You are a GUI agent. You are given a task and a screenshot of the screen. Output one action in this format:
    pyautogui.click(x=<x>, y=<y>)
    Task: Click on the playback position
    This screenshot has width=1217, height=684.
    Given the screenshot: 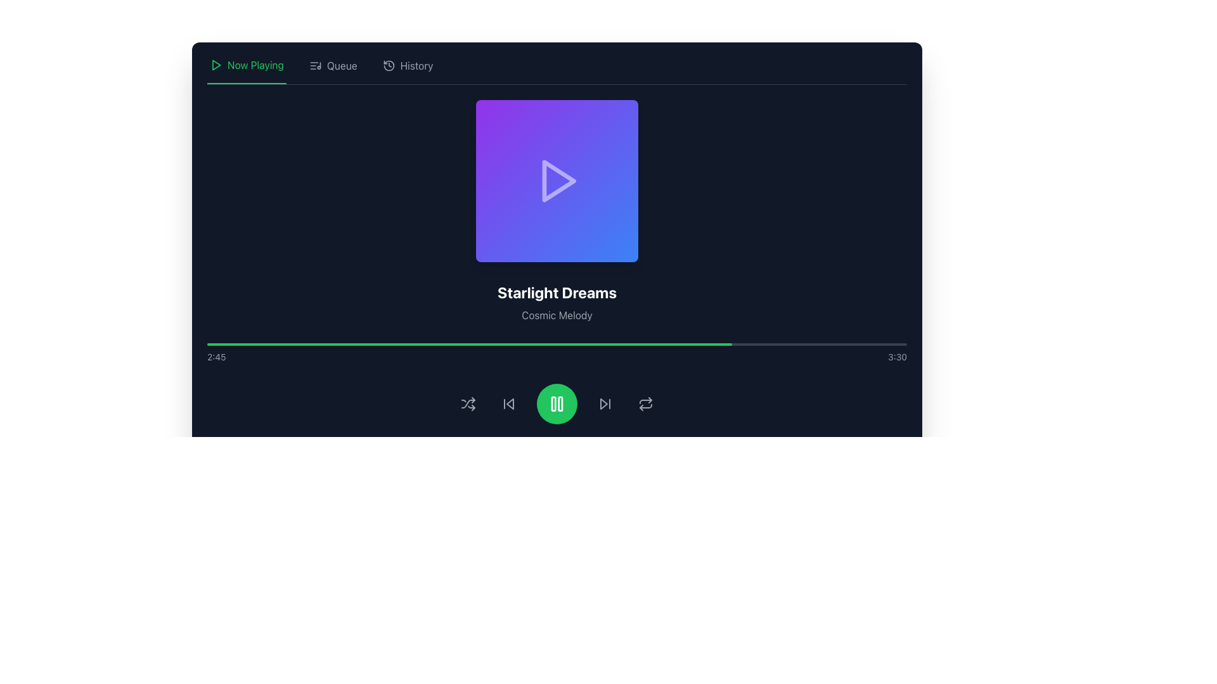 What is the action you would take?
    pyautogui.click(x=222, y=344)
    